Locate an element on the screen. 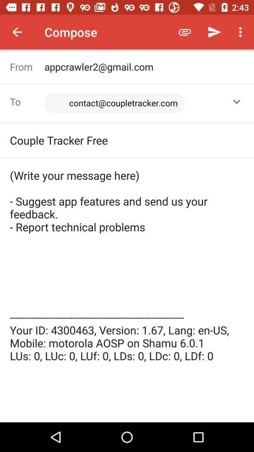 This screenshot has height=452, width=254. the icon to the right of the <contact@coupletracker.com>,  item is located at coordinates (236, 102).